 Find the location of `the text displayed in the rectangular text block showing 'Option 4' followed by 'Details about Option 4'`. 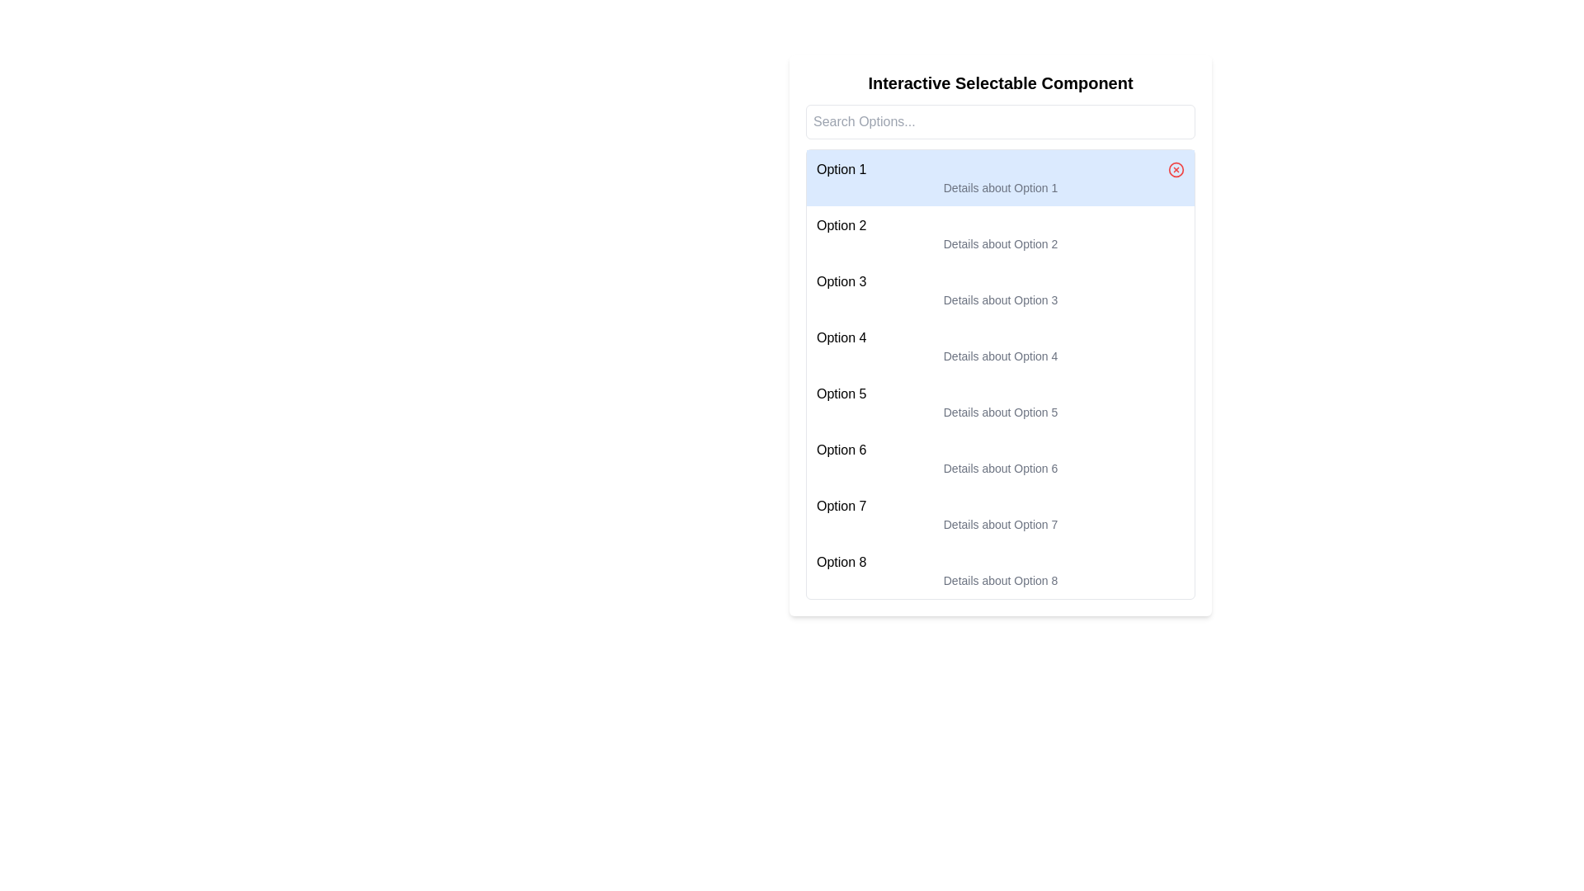

the text displayed in the rectangular text block showing 'Option 4' followed by 'Details about Option 4' is located at coordinates (1000, 346).